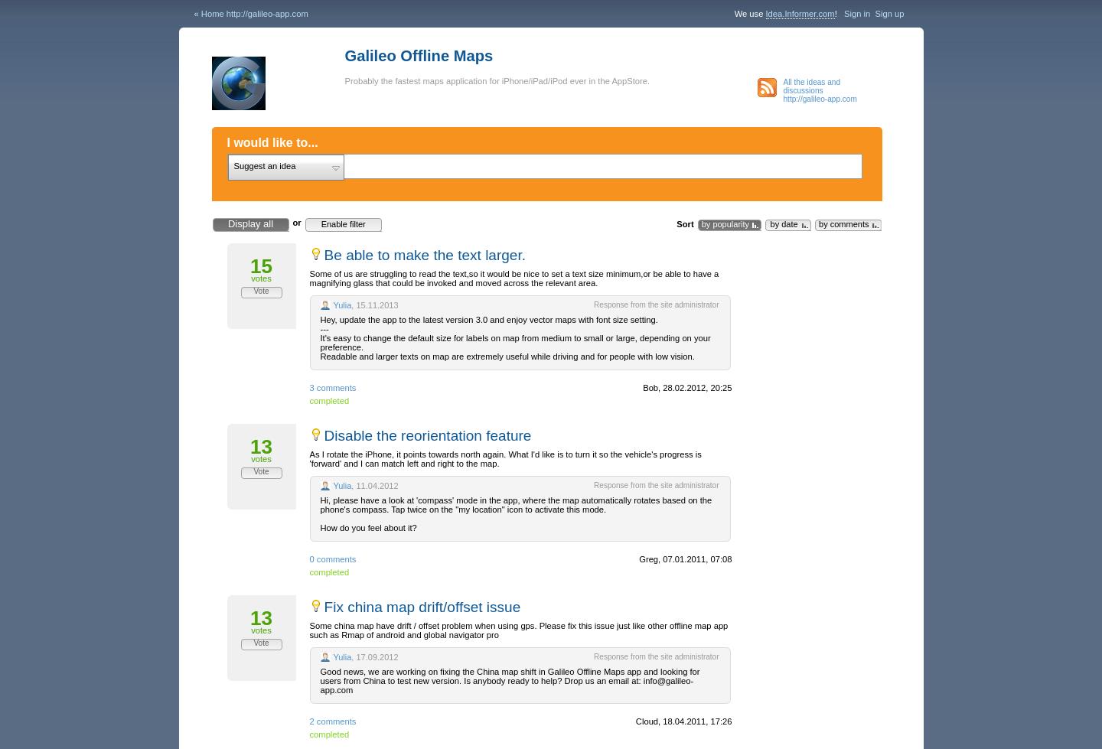  Describe the element at coordinates (424, 255) in the screenshot. I see `'Be able to make the text larger.'` at that location.